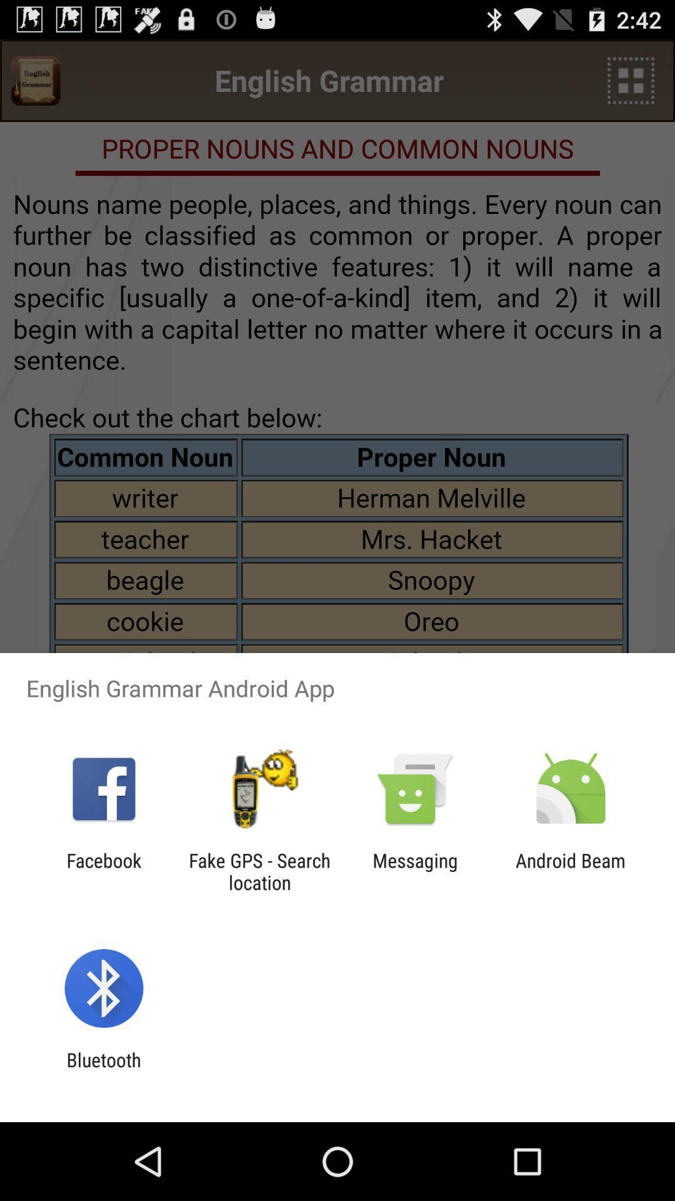 This screenshot has width=675, height=1201. Describe the element at coordinates (103, 1070) in the screenshot. I see `the bluetooth` at that location.